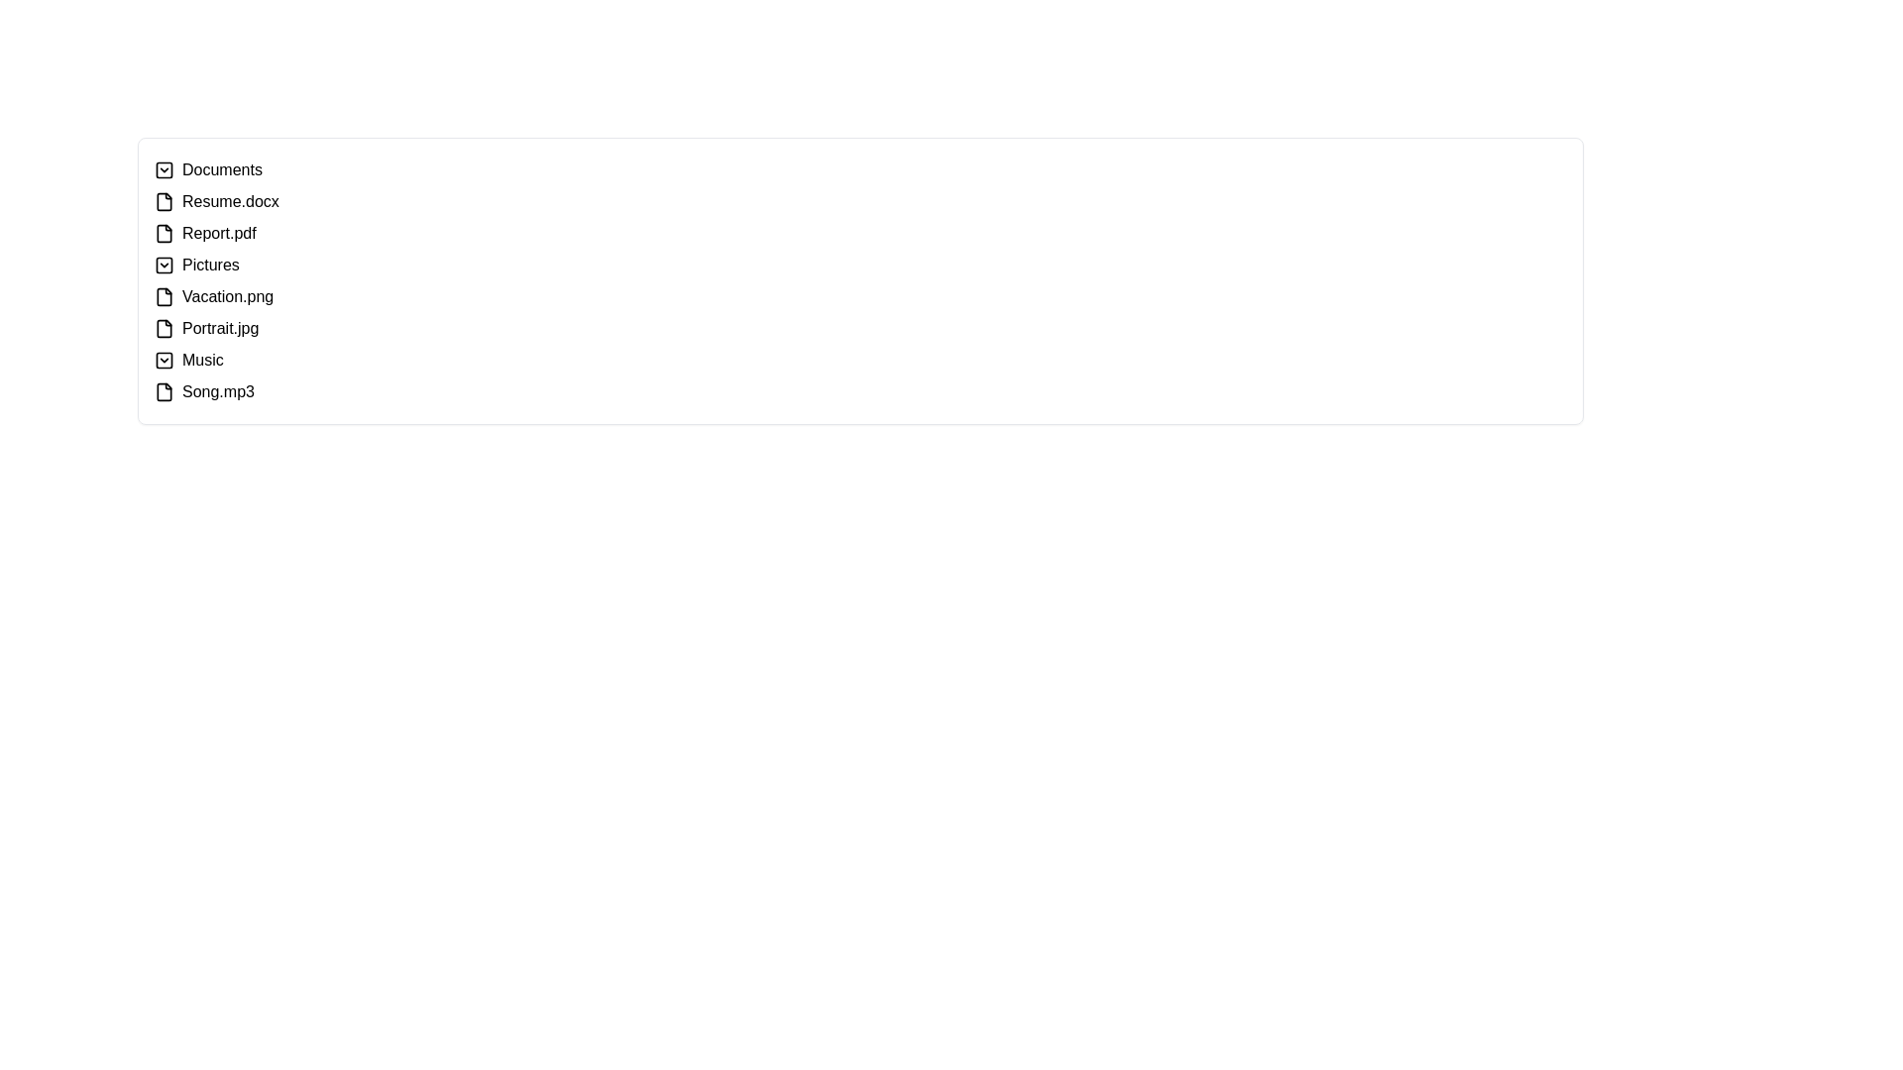  I want to click on the text label displaying the file name 'Vacation.png', so click(228, 297).